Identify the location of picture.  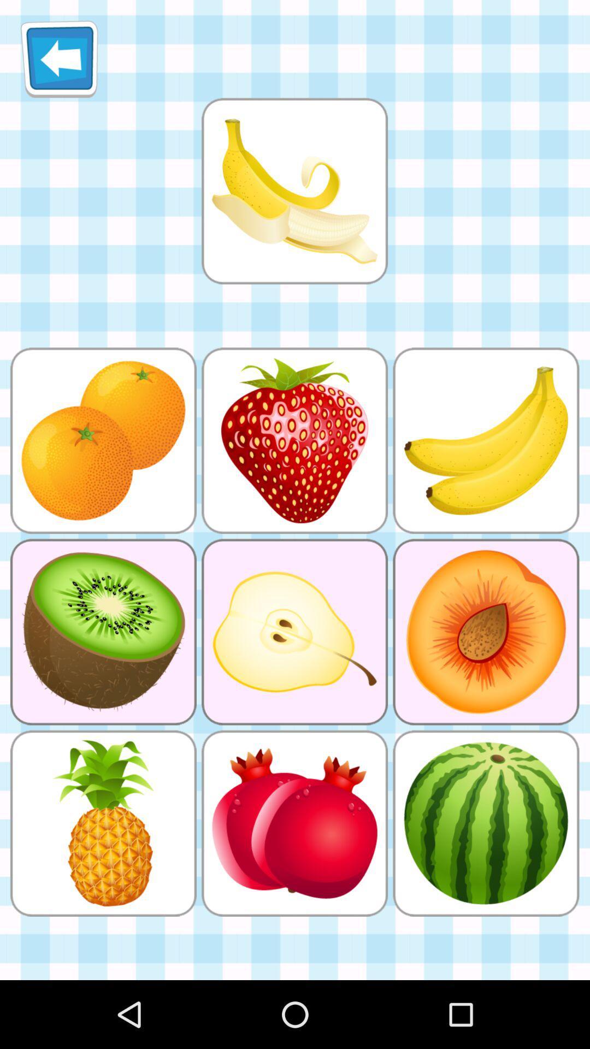
(294, 191).